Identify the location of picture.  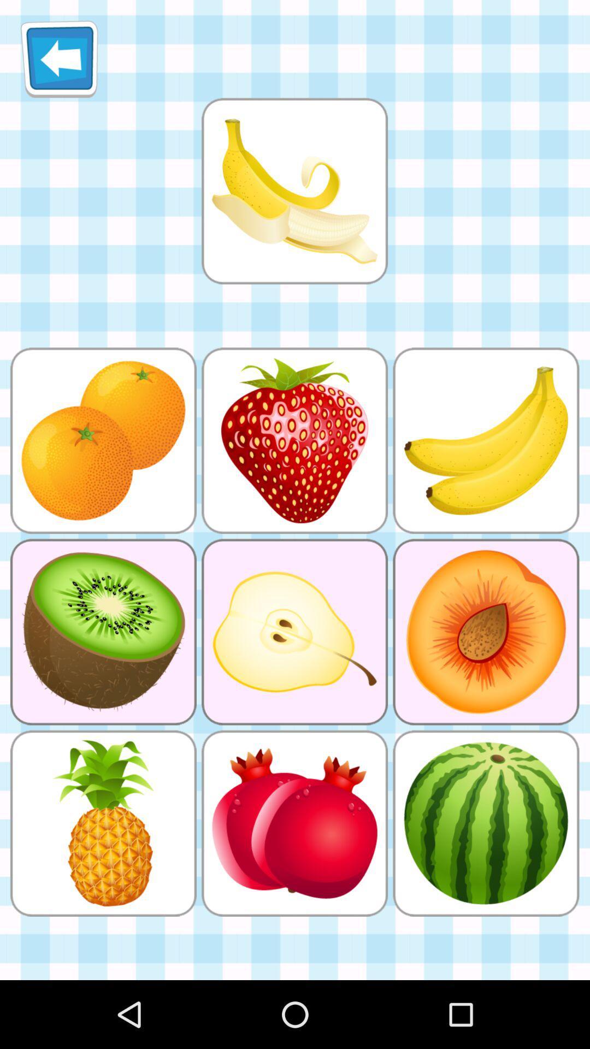
(294, 191).